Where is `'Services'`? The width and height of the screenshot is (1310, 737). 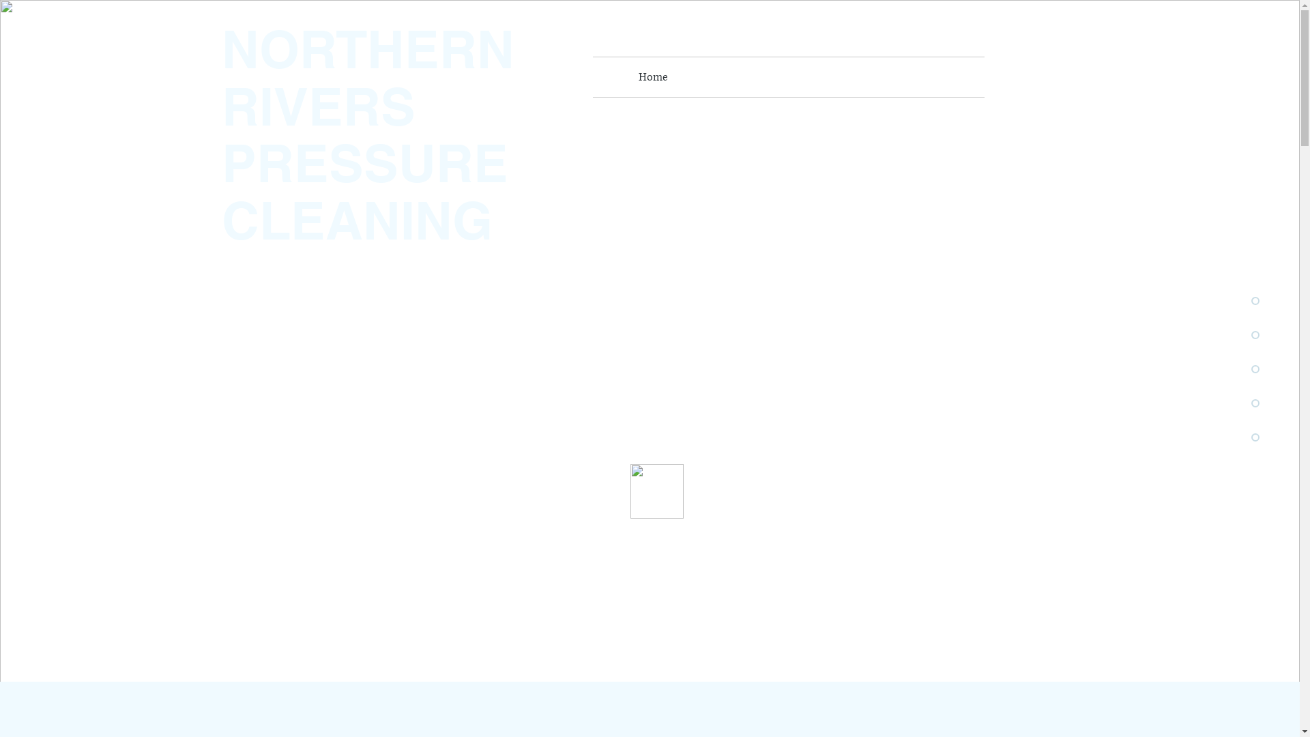 'Services' is located at coordinates (708, 76).